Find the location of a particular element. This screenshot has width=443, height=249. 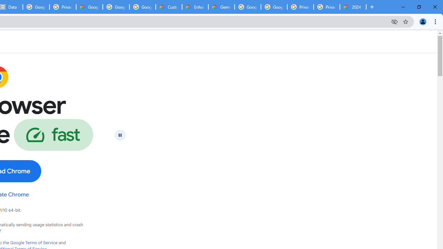

'Google Workspace - Specific Terms' is located at coordinates (142, 7).